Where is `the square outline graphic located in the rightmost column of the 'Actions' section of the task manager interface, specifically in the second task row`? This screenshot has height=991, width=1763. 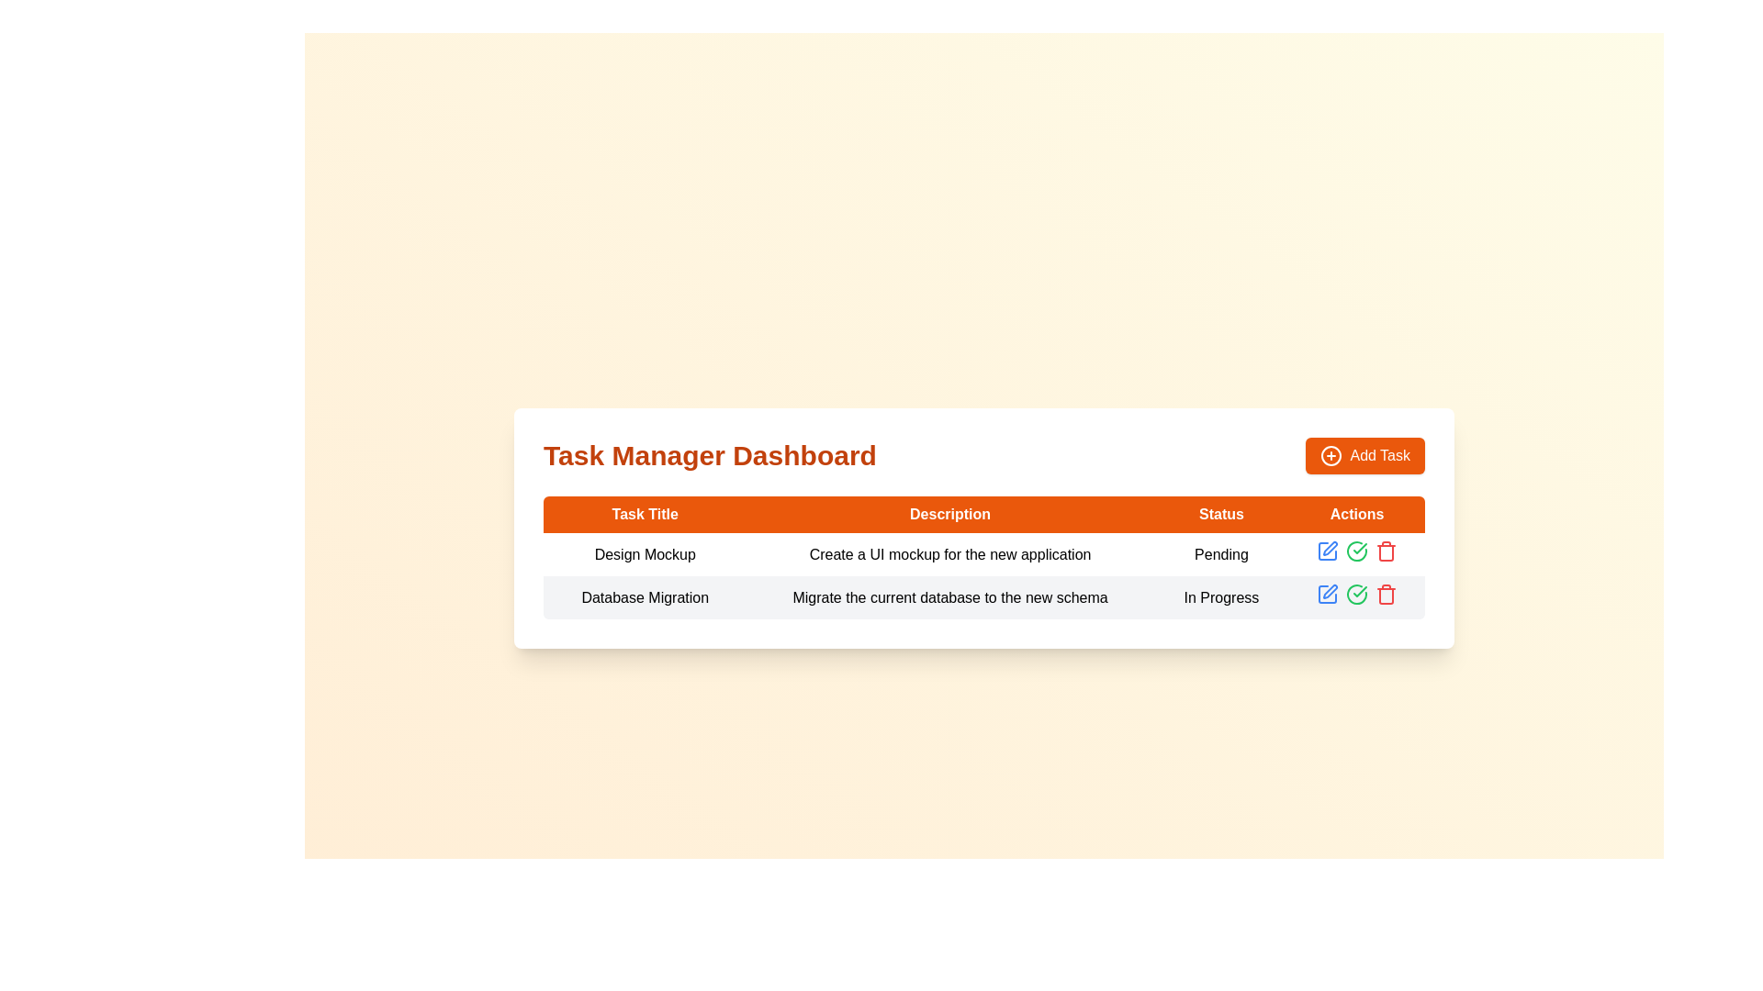 the square outline graphic located in the rightmost column of the 'Actions' section of the task manager interface, specifically in the second task row is located at coordinates (1328, 595).